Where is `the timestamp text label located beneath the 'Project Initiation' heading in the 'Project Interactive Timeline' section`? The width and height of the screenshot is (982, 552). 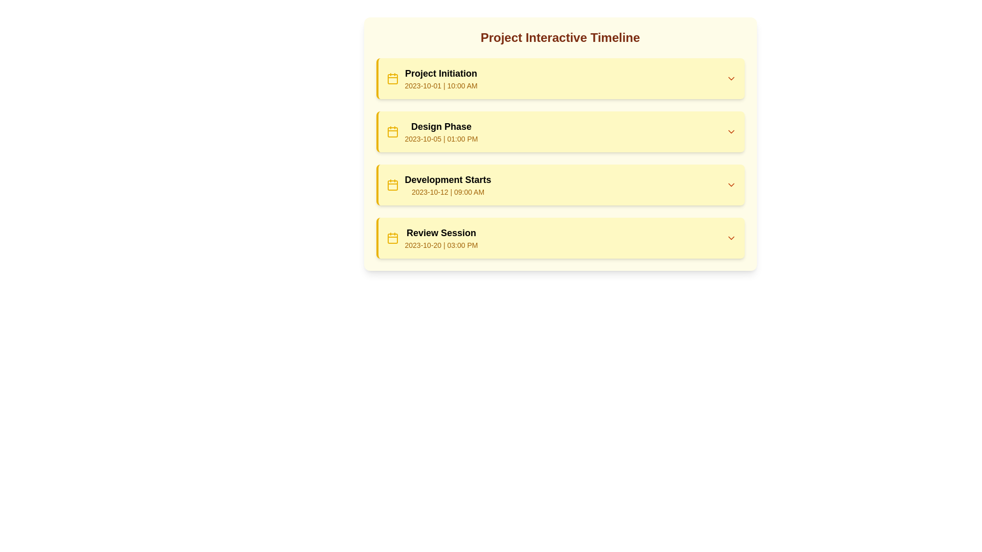 the timestamp text label located beneath the 'Project Initiation' heading in the 'Project Interactive Timeline' section is located at coordinates (441, 85).